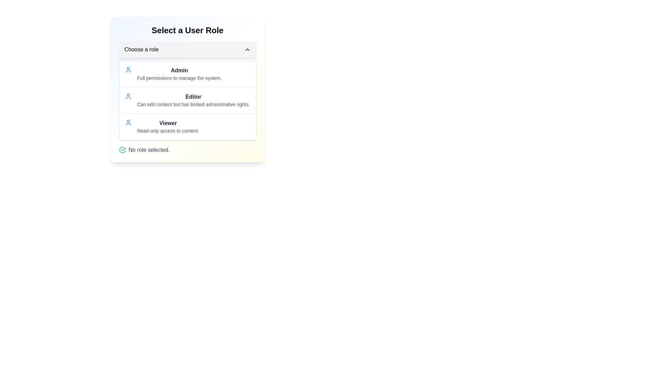 The width and height of the screenshot is (659, 370). Describe the element at coordinates (187, 150) in the screenshot. I see `the Status Indicator located at the bottom of the role selection interface, which indicates that no role has been selected` at that location.